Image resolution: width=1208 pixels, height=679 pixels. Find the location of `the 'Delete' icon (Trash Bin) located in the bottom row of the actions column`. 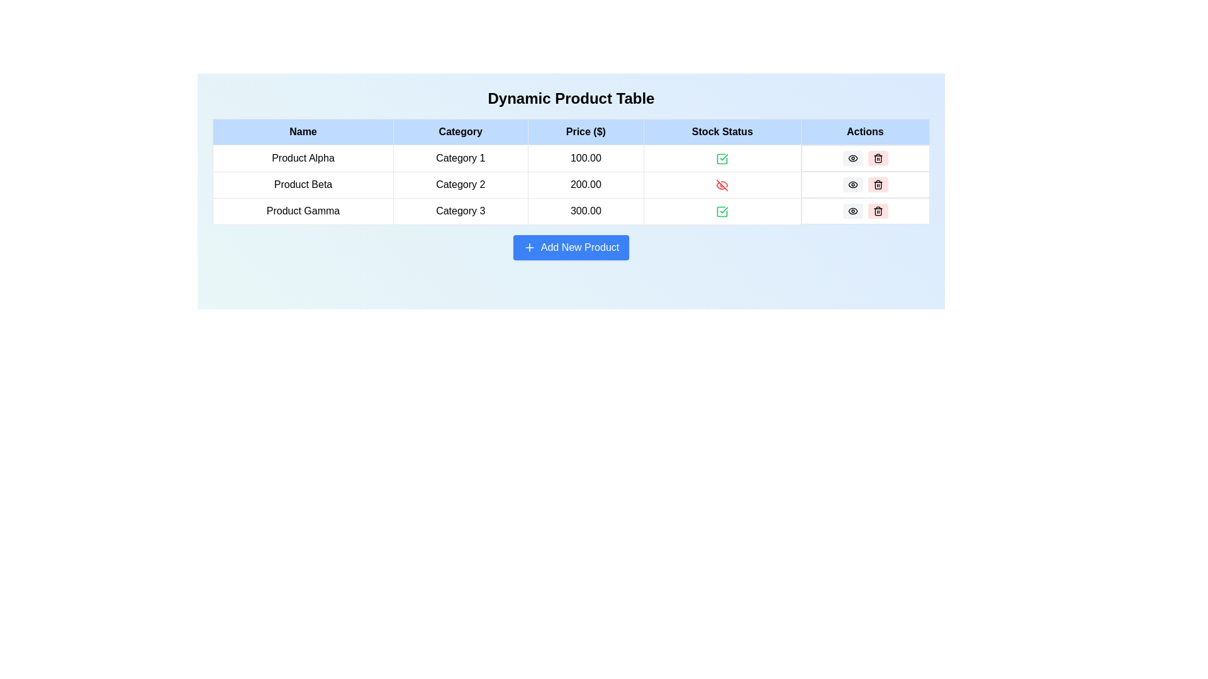

the 'Delete' icon (Trash Bin) located in the bottom row of the actions column is located at coordinates (877, 210).